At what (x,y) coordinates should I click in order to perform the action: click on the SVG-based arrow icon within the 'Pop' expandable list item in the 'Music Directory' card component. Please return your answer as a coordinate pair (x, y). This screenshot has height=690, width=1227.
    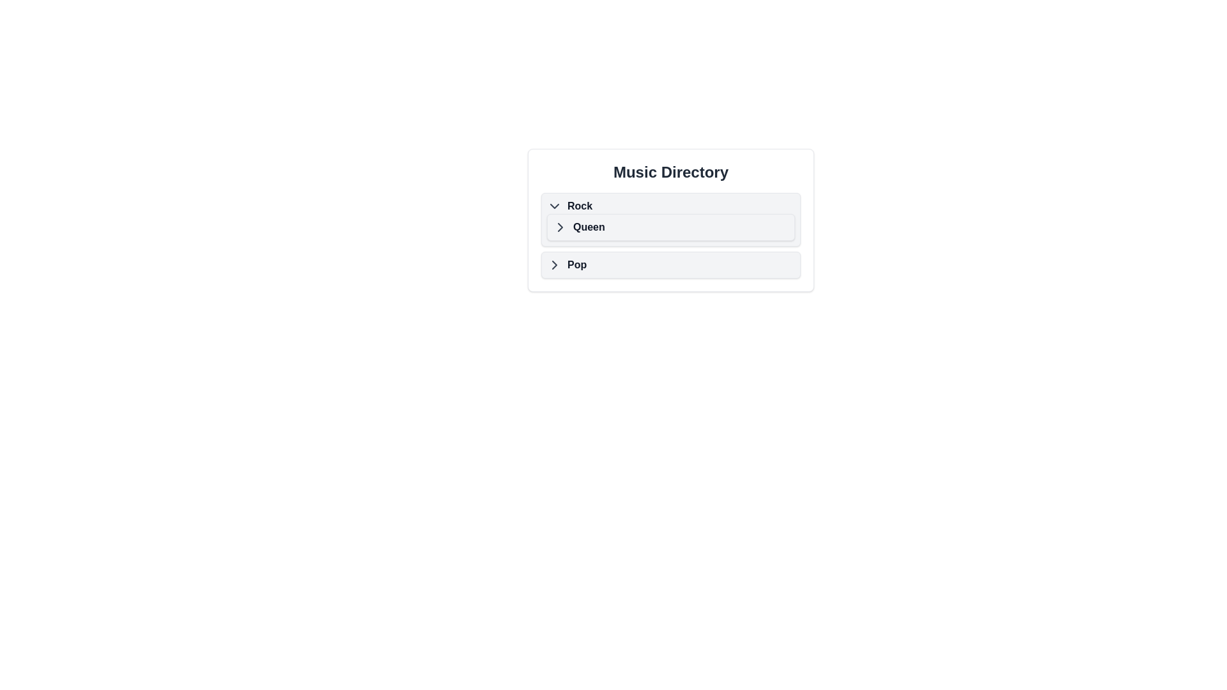
    Looking at the image, I should click on (555, 264).